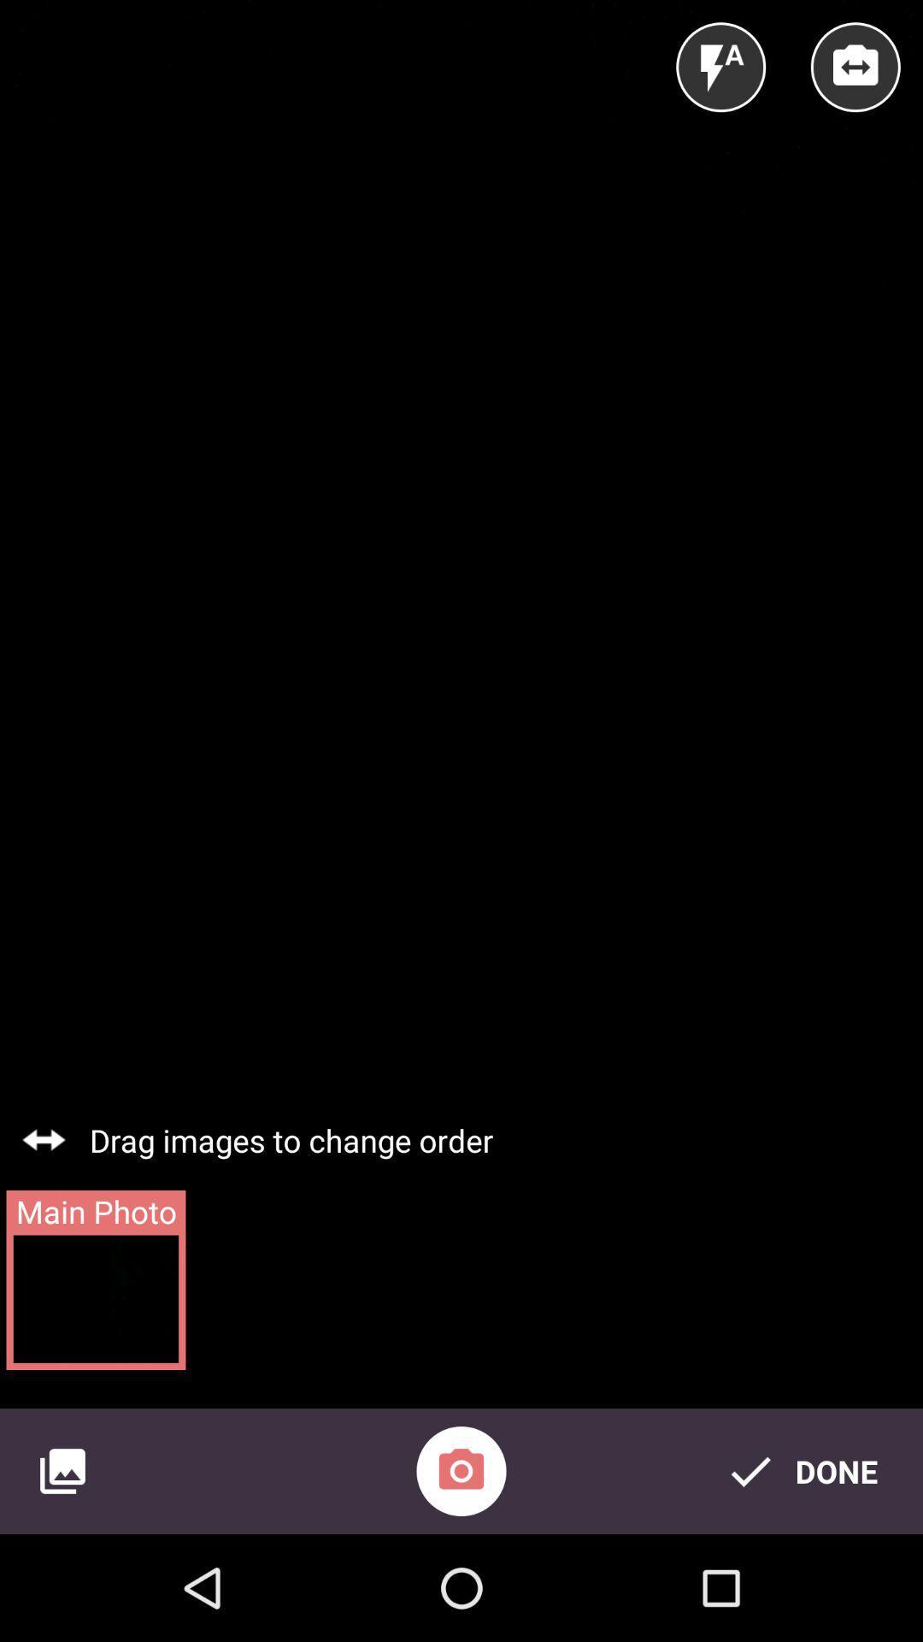  What do you see at coordinates (720, 67) in the screenshot?
I see `the flash icon` at bounding box center [720, 67].